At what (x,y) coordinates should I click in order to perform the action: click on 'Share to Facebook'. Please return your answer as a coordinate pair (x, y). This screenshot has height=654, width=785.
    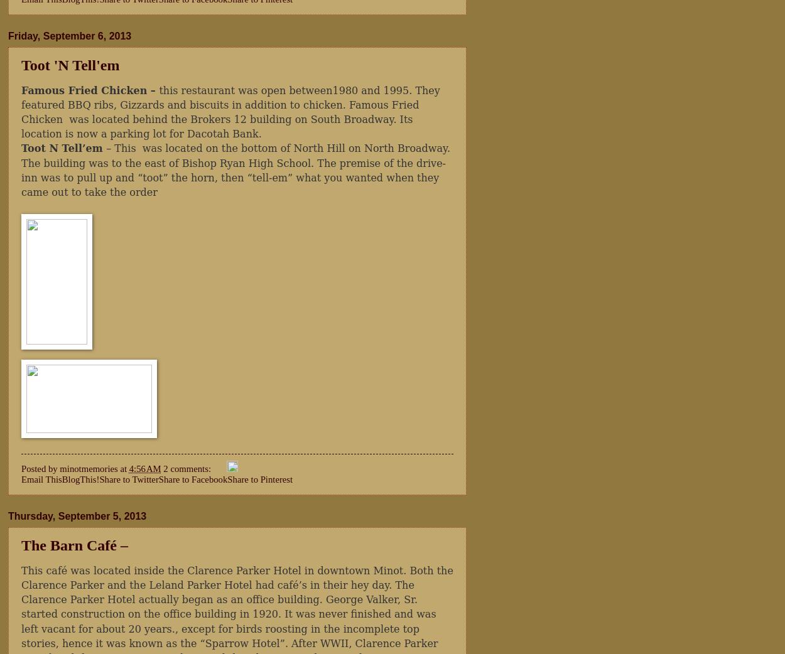
    Looking at the image, I should click on (158, 478).